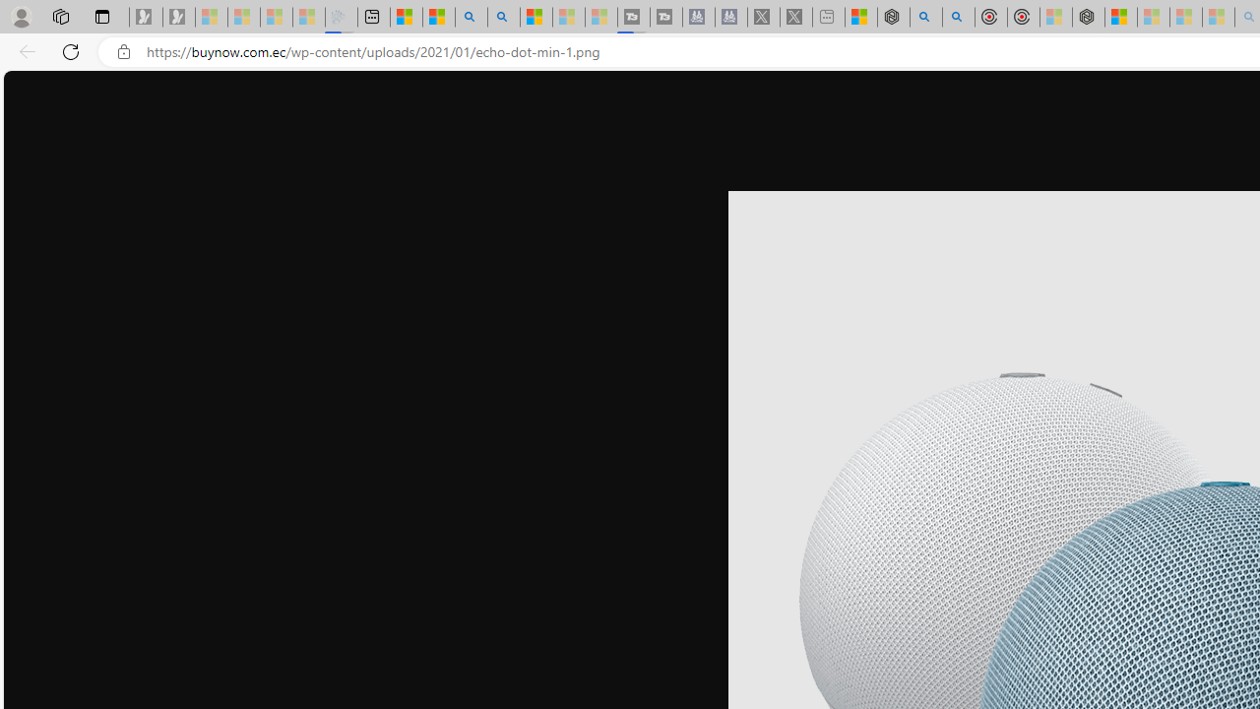  What do you see at coordinates (893, 17) in the screenshot?
I see `'Nordace - Summer Adventures 2024'` at bounding box center [893, 17].